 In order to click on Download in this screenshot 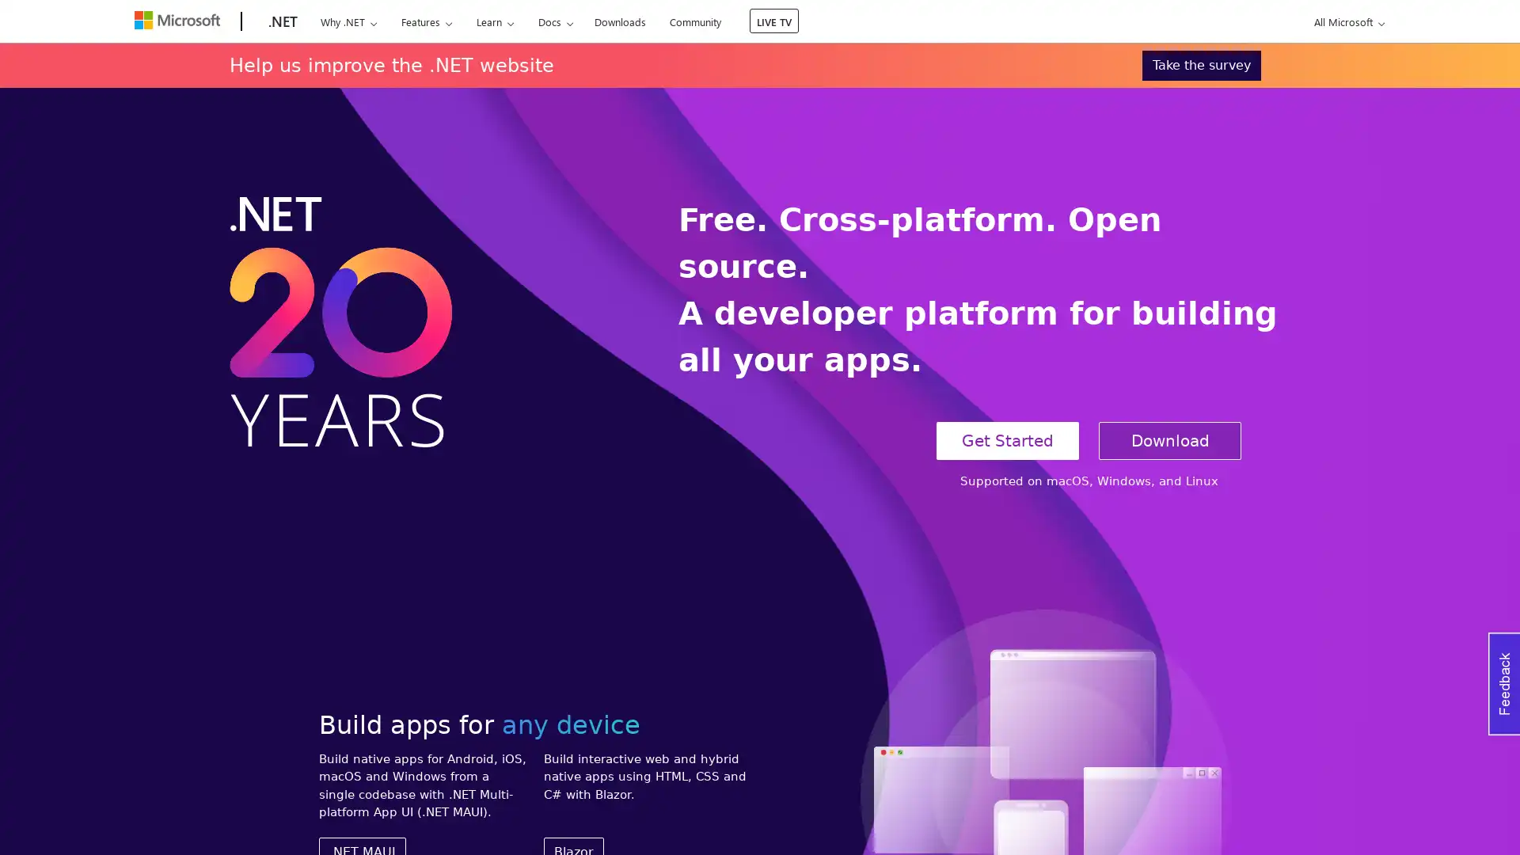, I will do `click(1170, 440)`.